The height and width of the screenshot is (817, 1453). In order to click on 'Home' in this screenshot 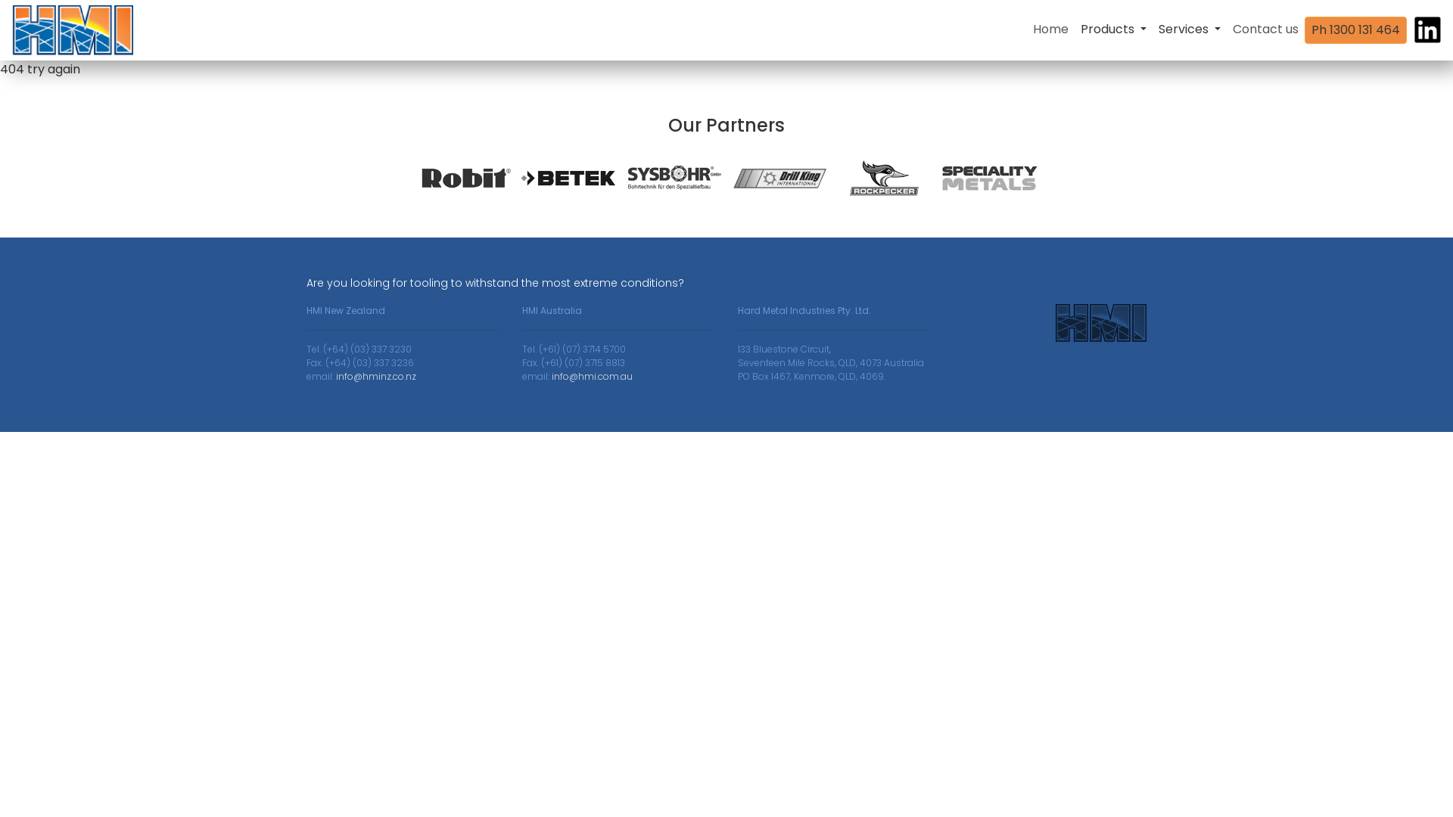, I will do `click(1050, 29)`.